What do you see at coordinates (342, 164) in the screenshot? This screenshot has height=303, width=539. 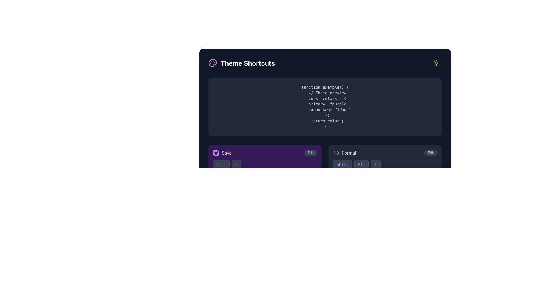 I see `the 'Shift' button styled as a keyboard key with a dark gray background and purple outline, located in the bottom right area beneath the 'Format' section` at bounding box center [342, 164].